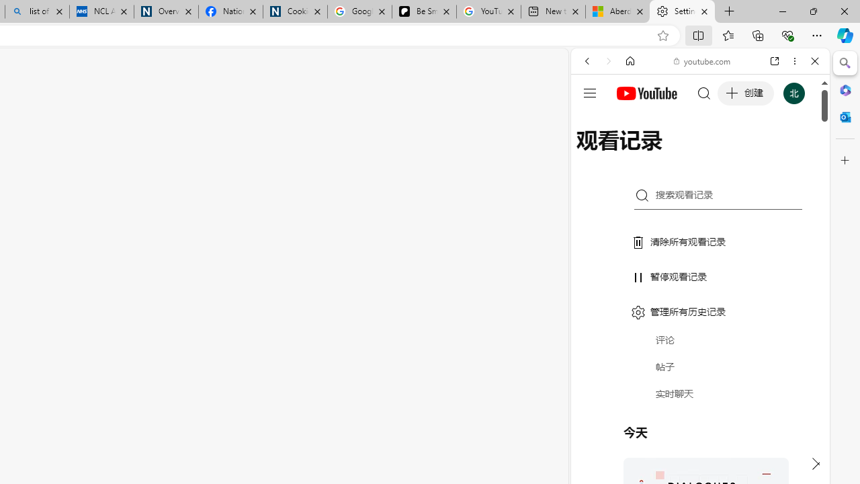  Describe the element at coordinates (294, 11) in the screenshot. I see `'Cookies'` at that location.